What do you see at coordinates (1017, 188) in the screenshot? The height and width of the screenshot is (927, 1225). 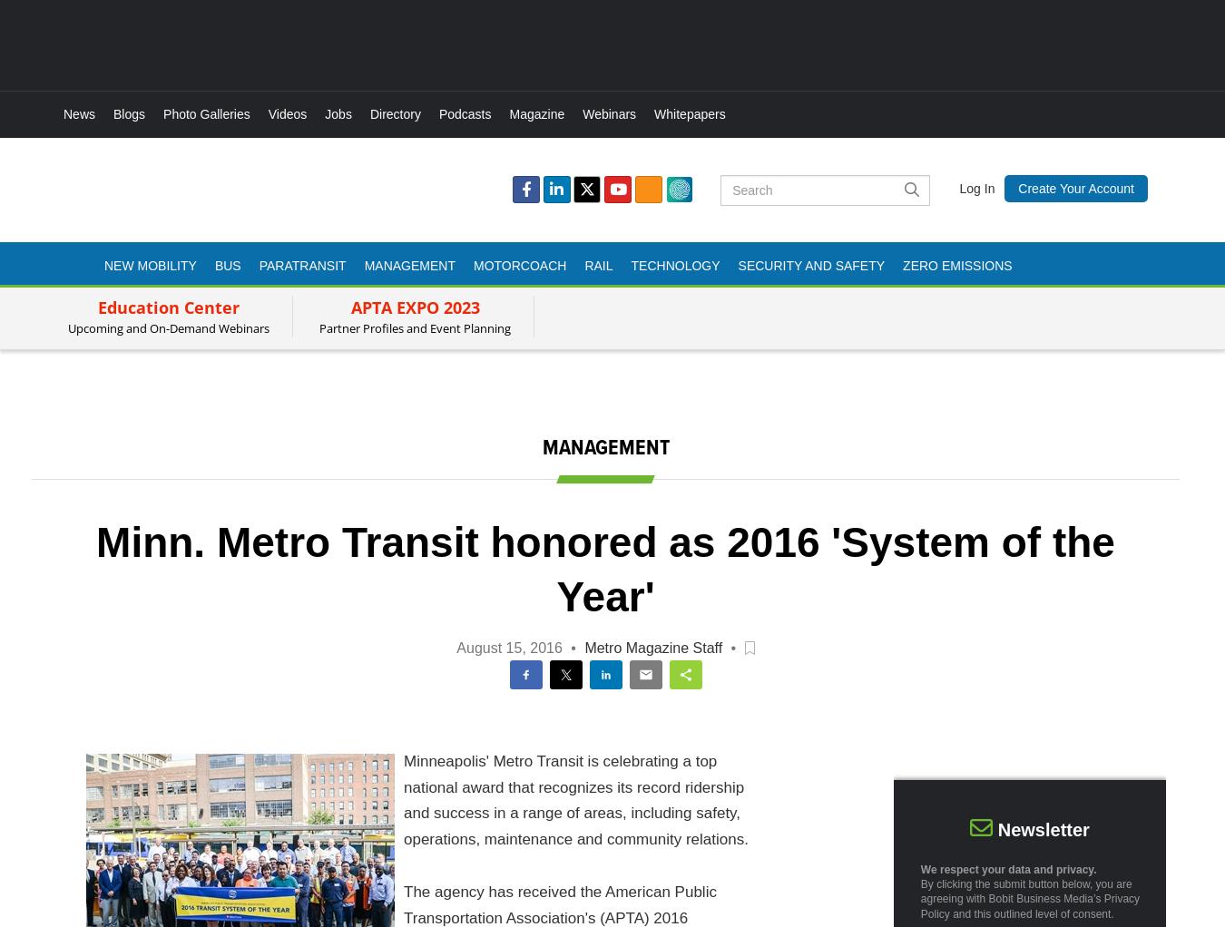 I see `'Create Your Account'` at bounding box center [1017, 188].